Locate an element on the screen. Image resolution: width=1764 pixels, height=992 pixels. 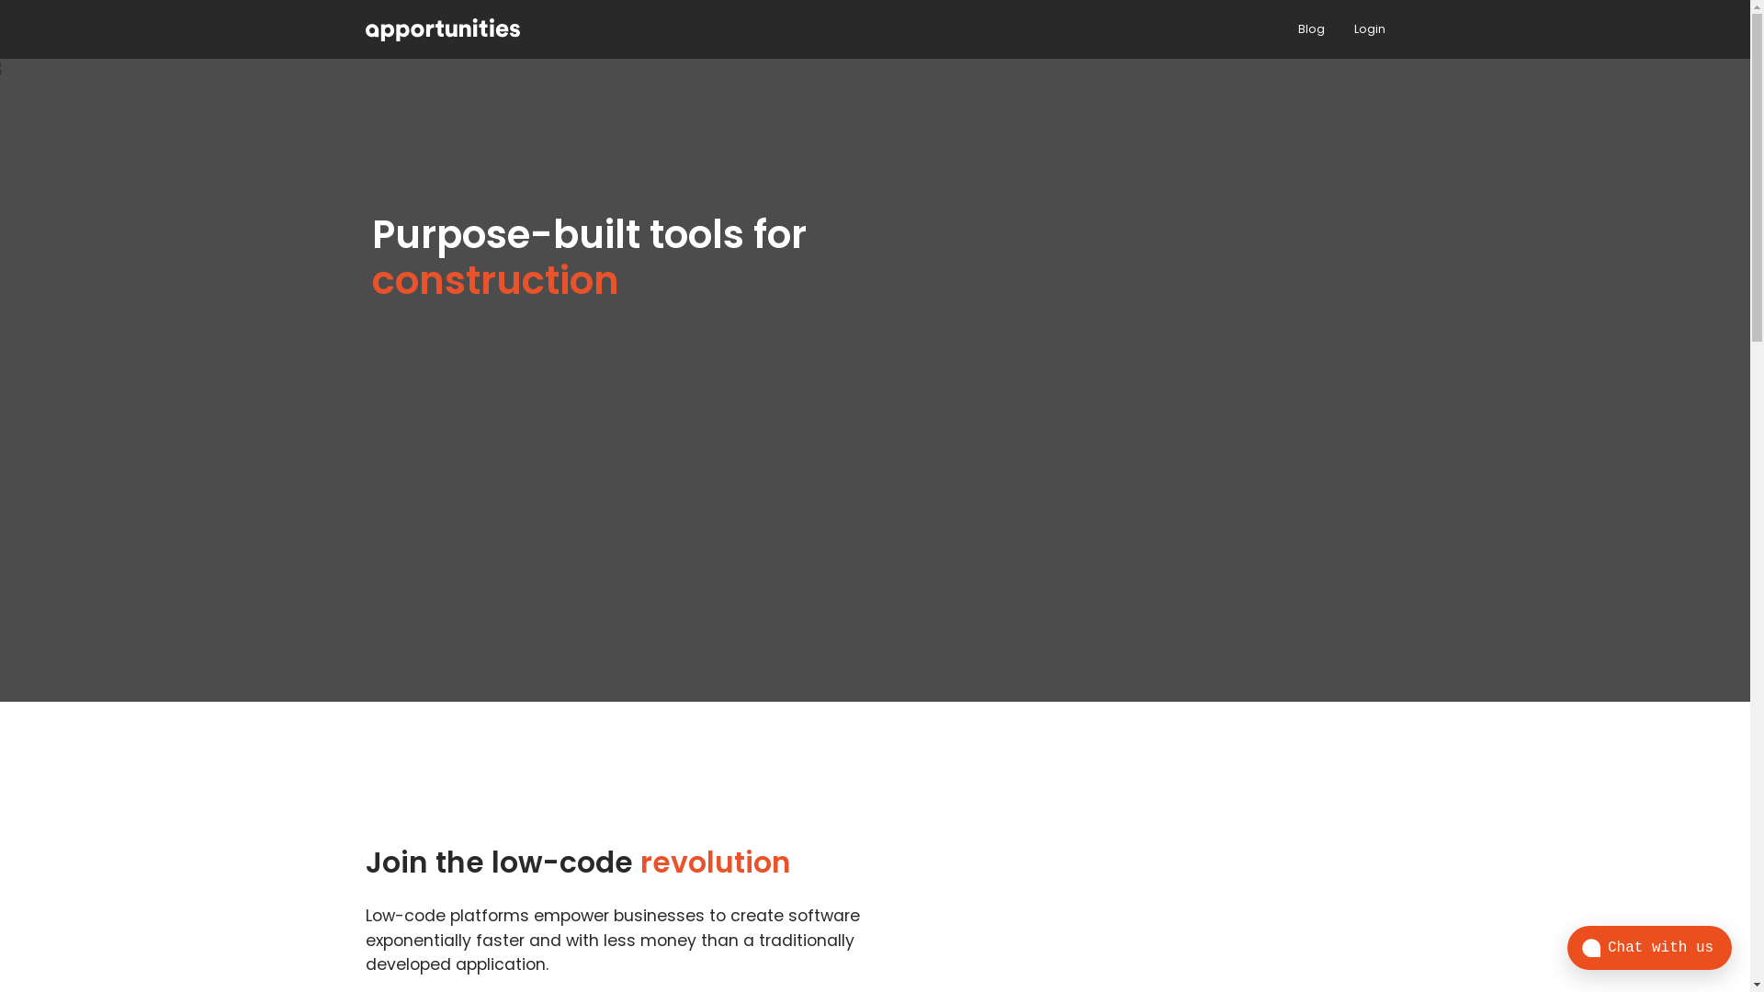
'Login' is located at coordinates (1370, 28).